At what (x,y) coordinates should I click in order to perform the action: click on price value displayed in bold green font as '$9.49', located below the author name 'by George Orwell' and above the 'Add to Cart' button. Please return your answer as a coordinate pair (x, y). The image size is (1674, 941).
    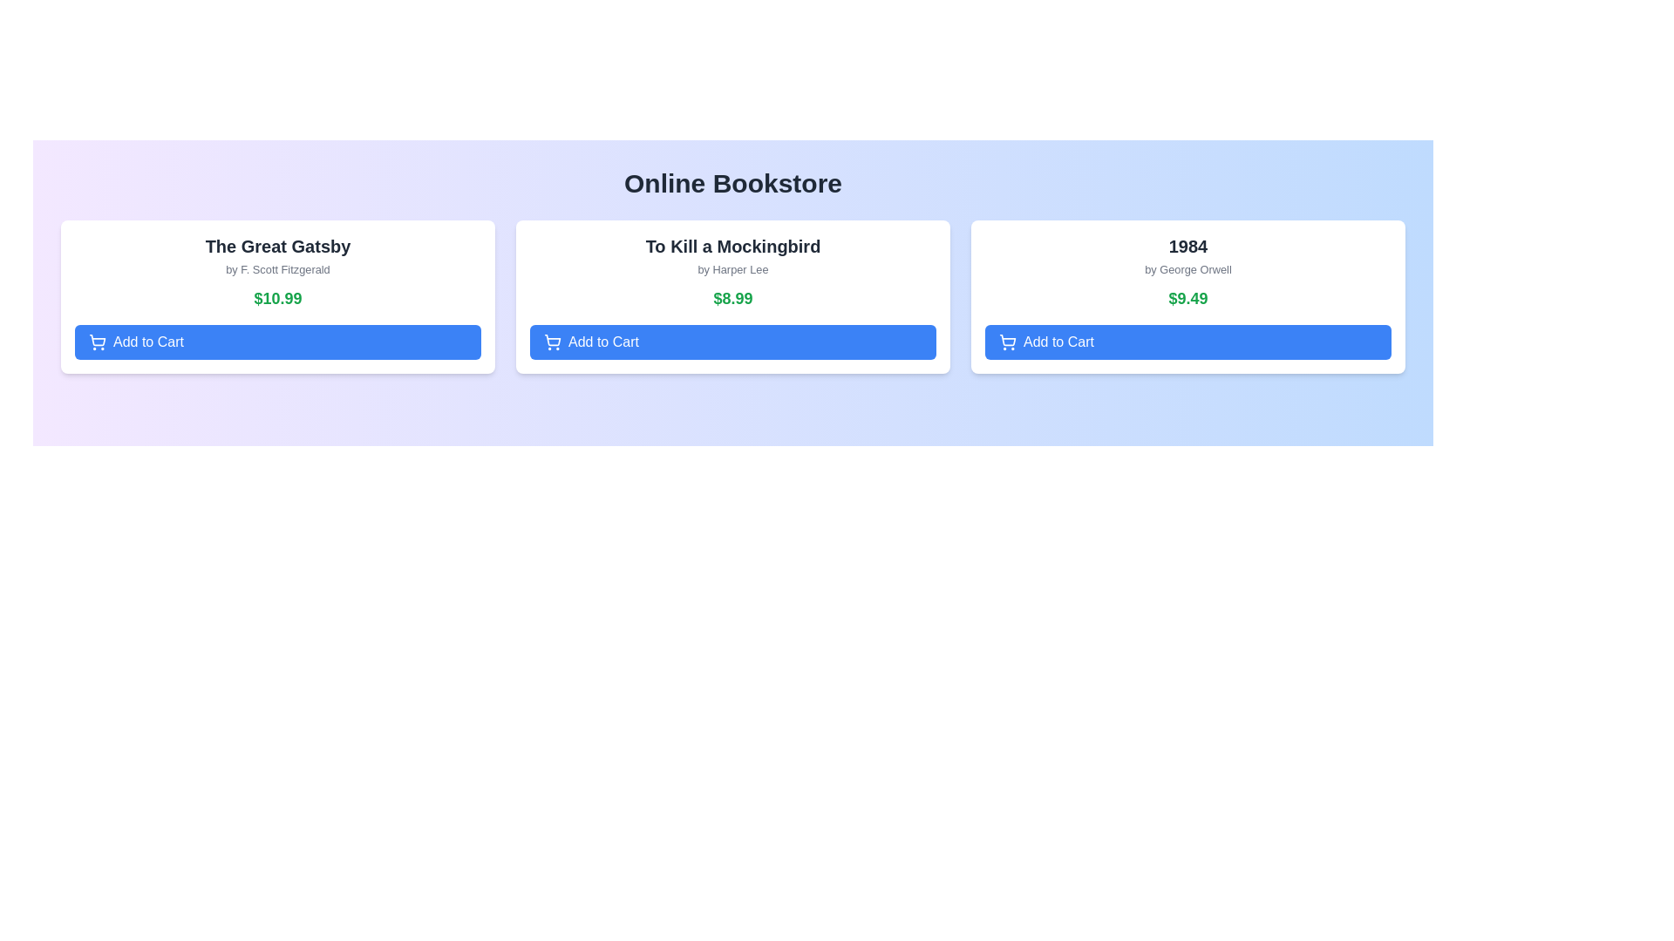
    Looking at the image, I should click on (1187, 298).